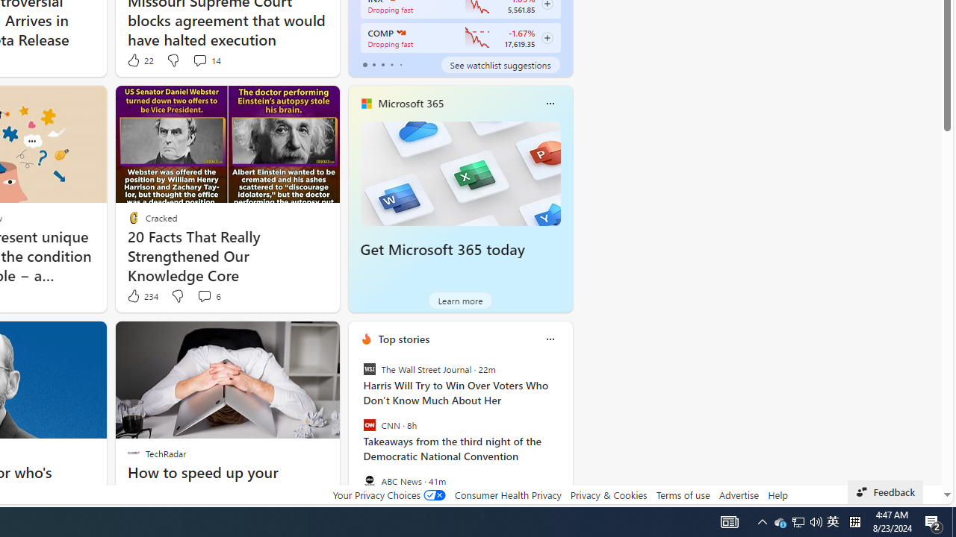 Image resolution: width=956 pixels, height=537 pixels. Describe the element at coordinates (364, 64) in the screenshot. I see `'tab-0'` at that location.